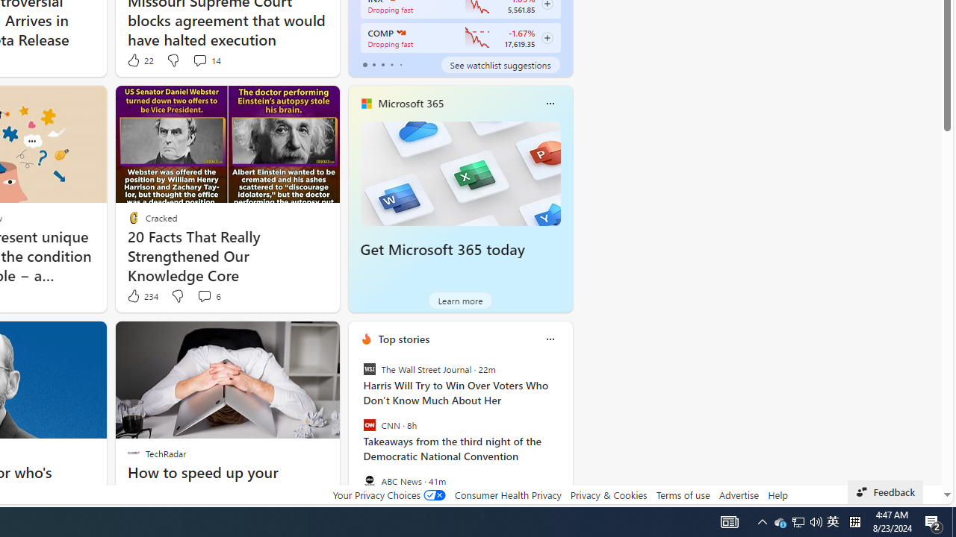 Image resolution: width=956 pixels, height=537 pixels. Describe the element at coordinates (364, 64) in the screenshot. I see `'tab-0'` at that location.